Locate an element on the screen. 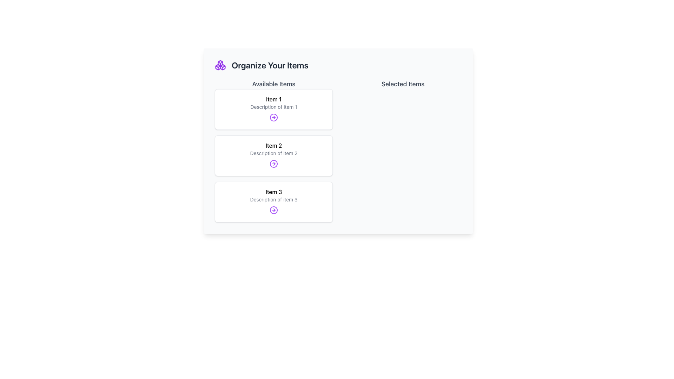 This screenshot has height=379, width=674. the title text element for the third item in the 'Available Items' list, which is located at the top of its panel is located at coordinates (273, 192).